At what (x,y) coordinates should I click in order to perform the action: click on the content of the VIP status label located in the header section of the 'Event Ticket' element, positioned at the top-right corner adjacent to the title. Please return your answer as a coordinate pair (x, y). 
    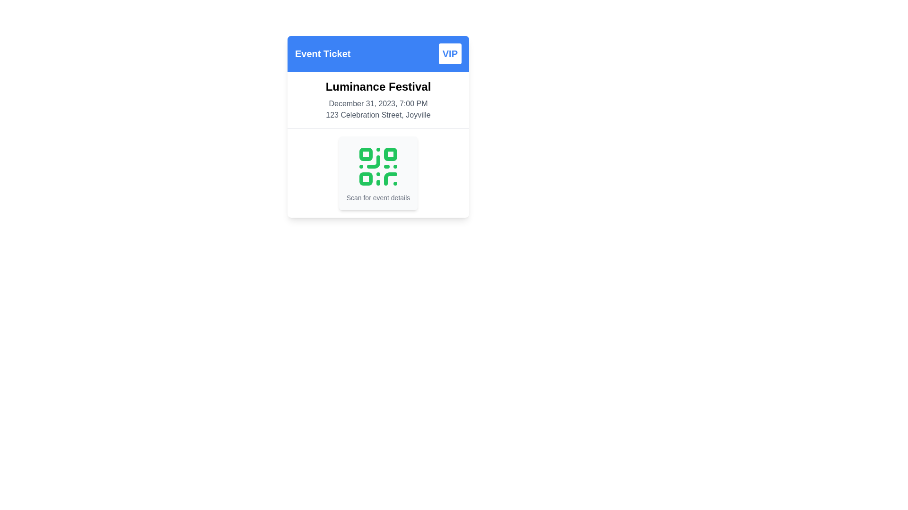
    Looking at the image, I should click on (449, 54).